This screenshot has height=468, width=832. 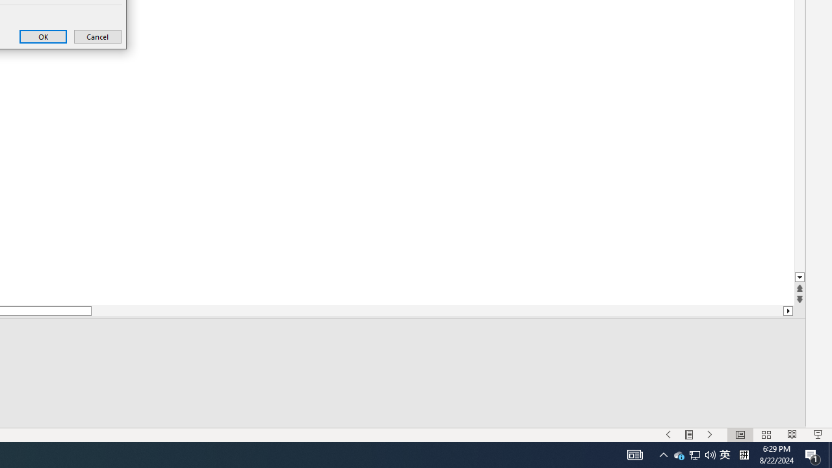 I want to click on 'Slide Show Next On', so click(x=709, y=435).